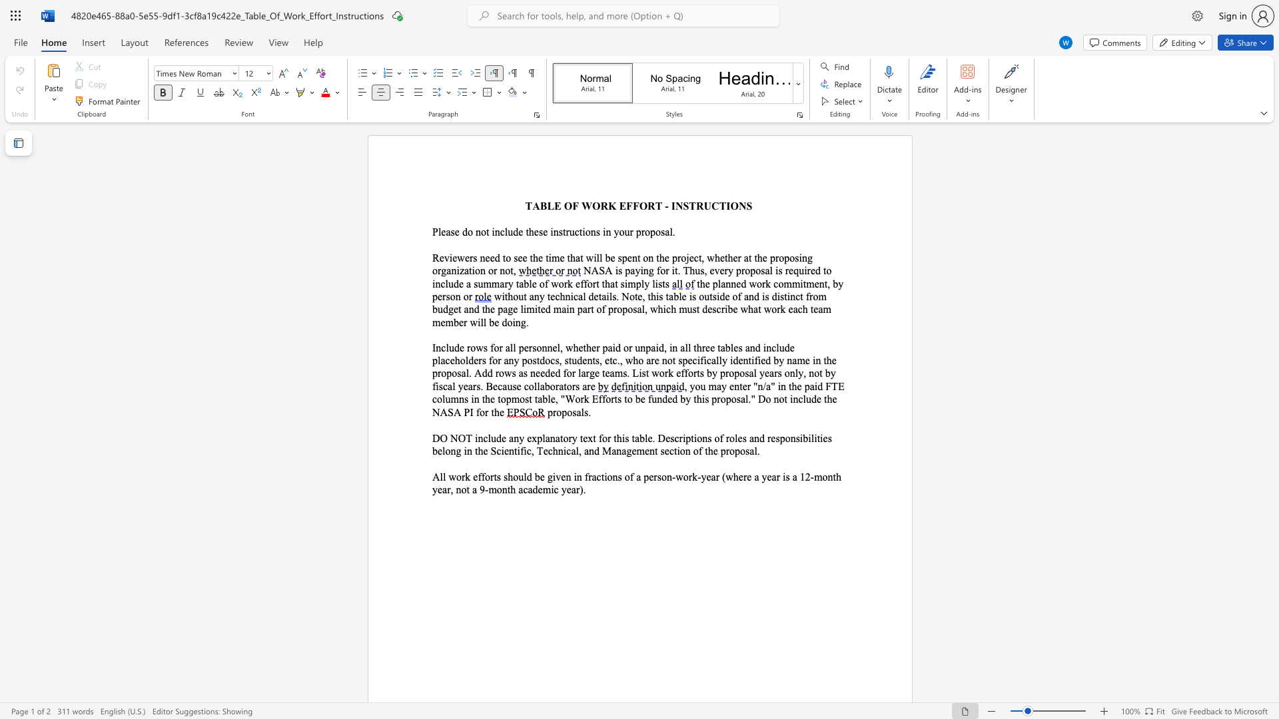 This screenshot has height=719, width=1279. Describe the element at coordinates (621, 296) in the screenshot. I see `the subset text "Note, this table is outside o" within the text "without any technical details. Note, this table is outside of and is distinct from budget and the page limited main part of proposal, which must describe what work each team member will be doing."` at that location.